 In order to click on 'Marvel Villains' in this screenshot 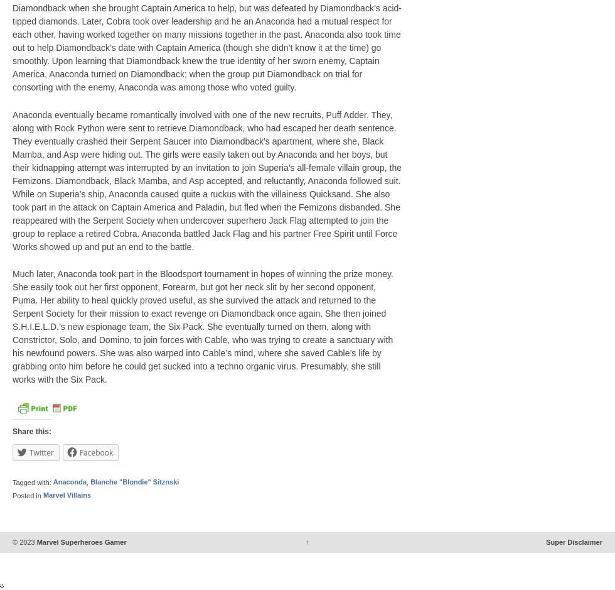, I will do `click(67, 494)`.